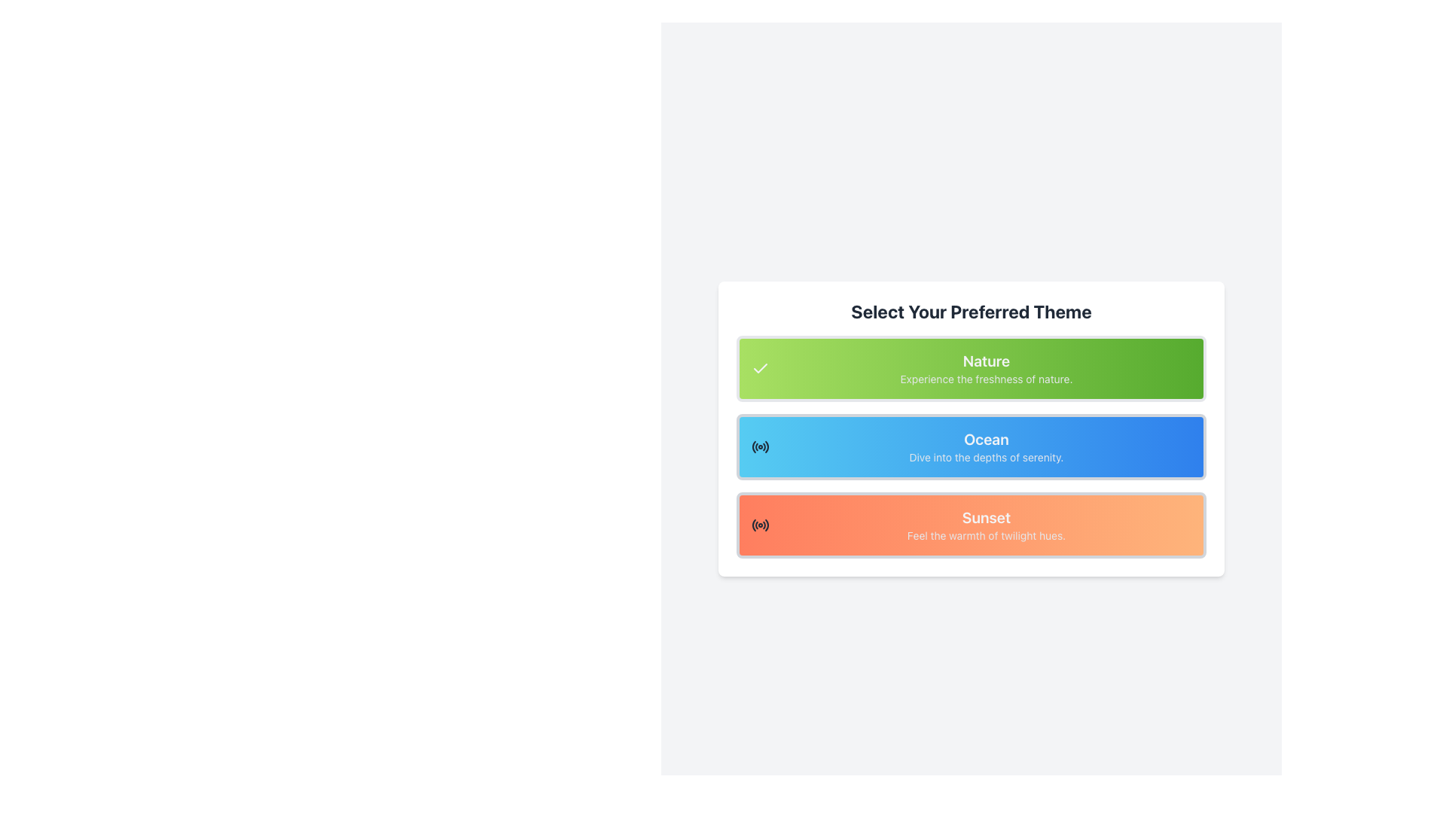  What do you see at coordinates (972, 310) in the screenshot?
I see `bolded text header that reads 'Select Your Preferred Theme', which is positioned at the top of the theme selection section` at bounding box center [972, 310].